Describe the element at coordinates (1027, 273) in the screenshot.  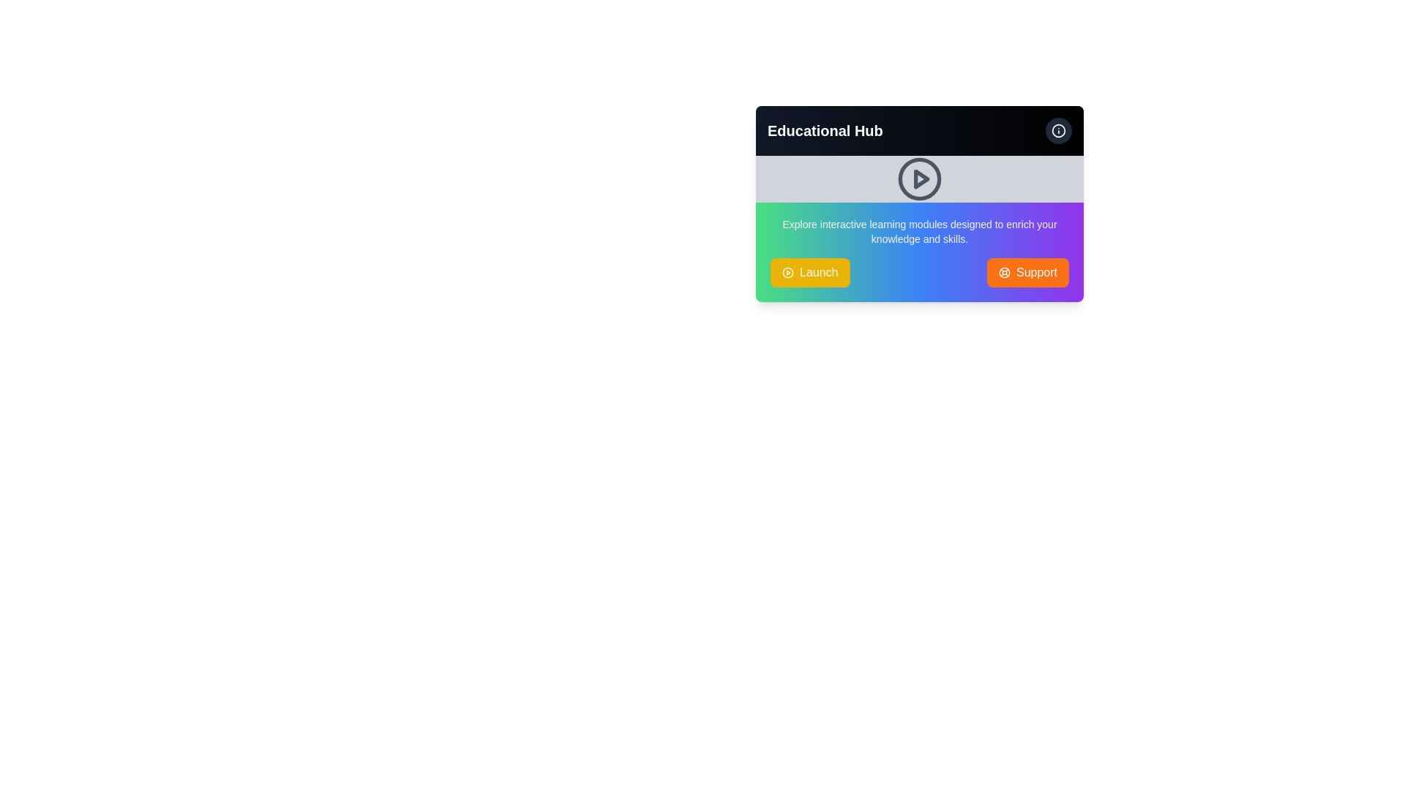
I see `the support button located at the bottom right of the 'Educational Hub' module` at that location.